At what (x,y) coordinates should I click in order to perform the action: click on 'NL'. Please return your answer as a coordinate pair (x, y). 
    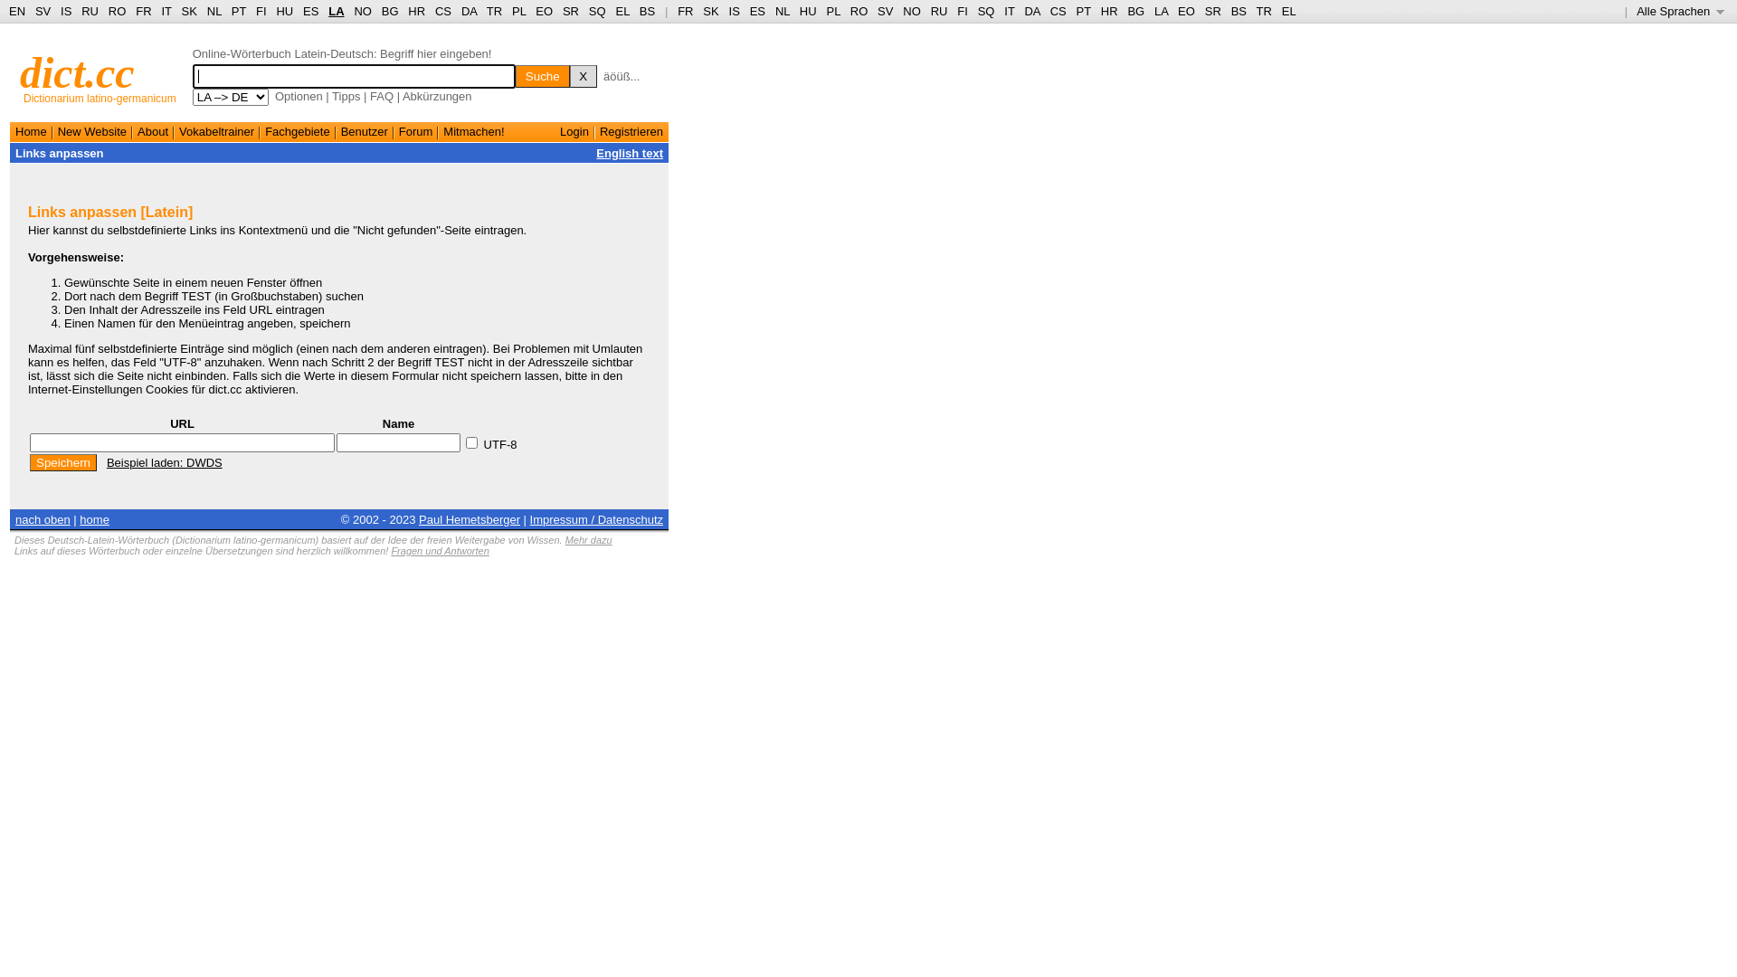
    Looking at the image, I should click on (214, 11).